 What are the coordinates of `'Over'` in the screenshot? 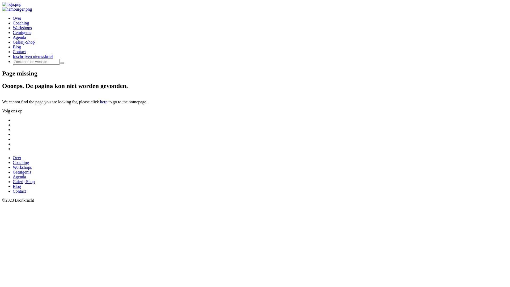 It's located at (17, 18).